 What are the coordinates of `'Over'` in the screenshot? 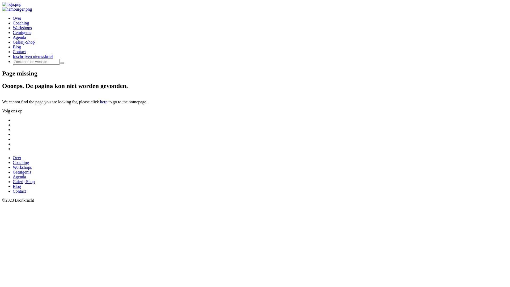 It's located at (17, 18).